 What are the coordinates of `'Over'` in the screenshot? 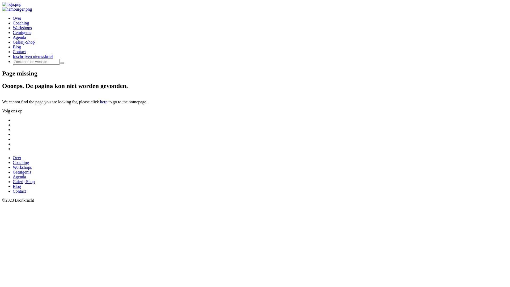 It's located at (17, 18).